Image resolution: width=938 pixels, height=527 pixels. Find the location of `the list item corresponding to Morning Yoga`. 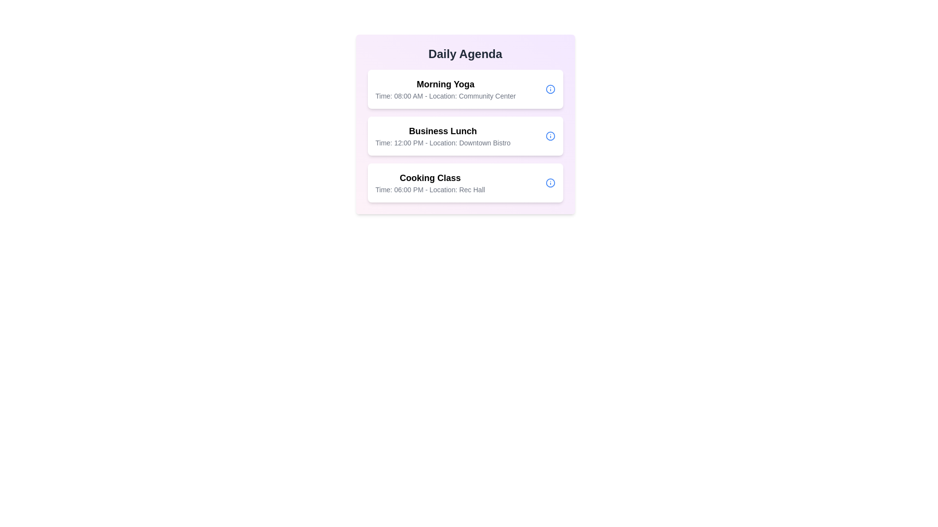

the list item corresponding to Morning Yoga is located at coordinates (465, 89).